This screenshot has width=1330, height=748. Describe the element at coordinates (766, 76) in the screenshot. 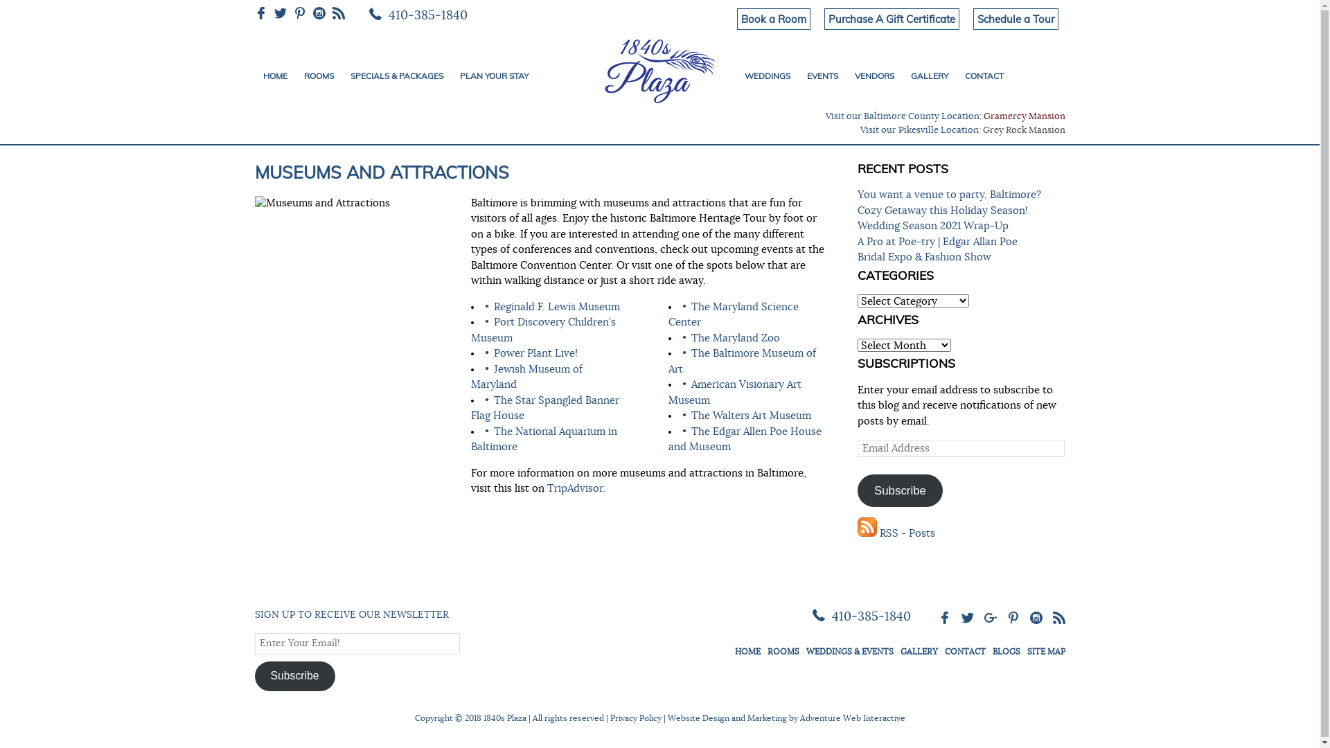

I see `'WEDDINGS'` at that location.